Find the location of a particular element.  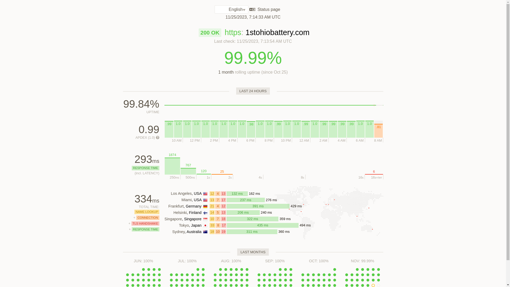

'<small>Aug 08:</small> No downtime' is located at coordinates (220, 275).